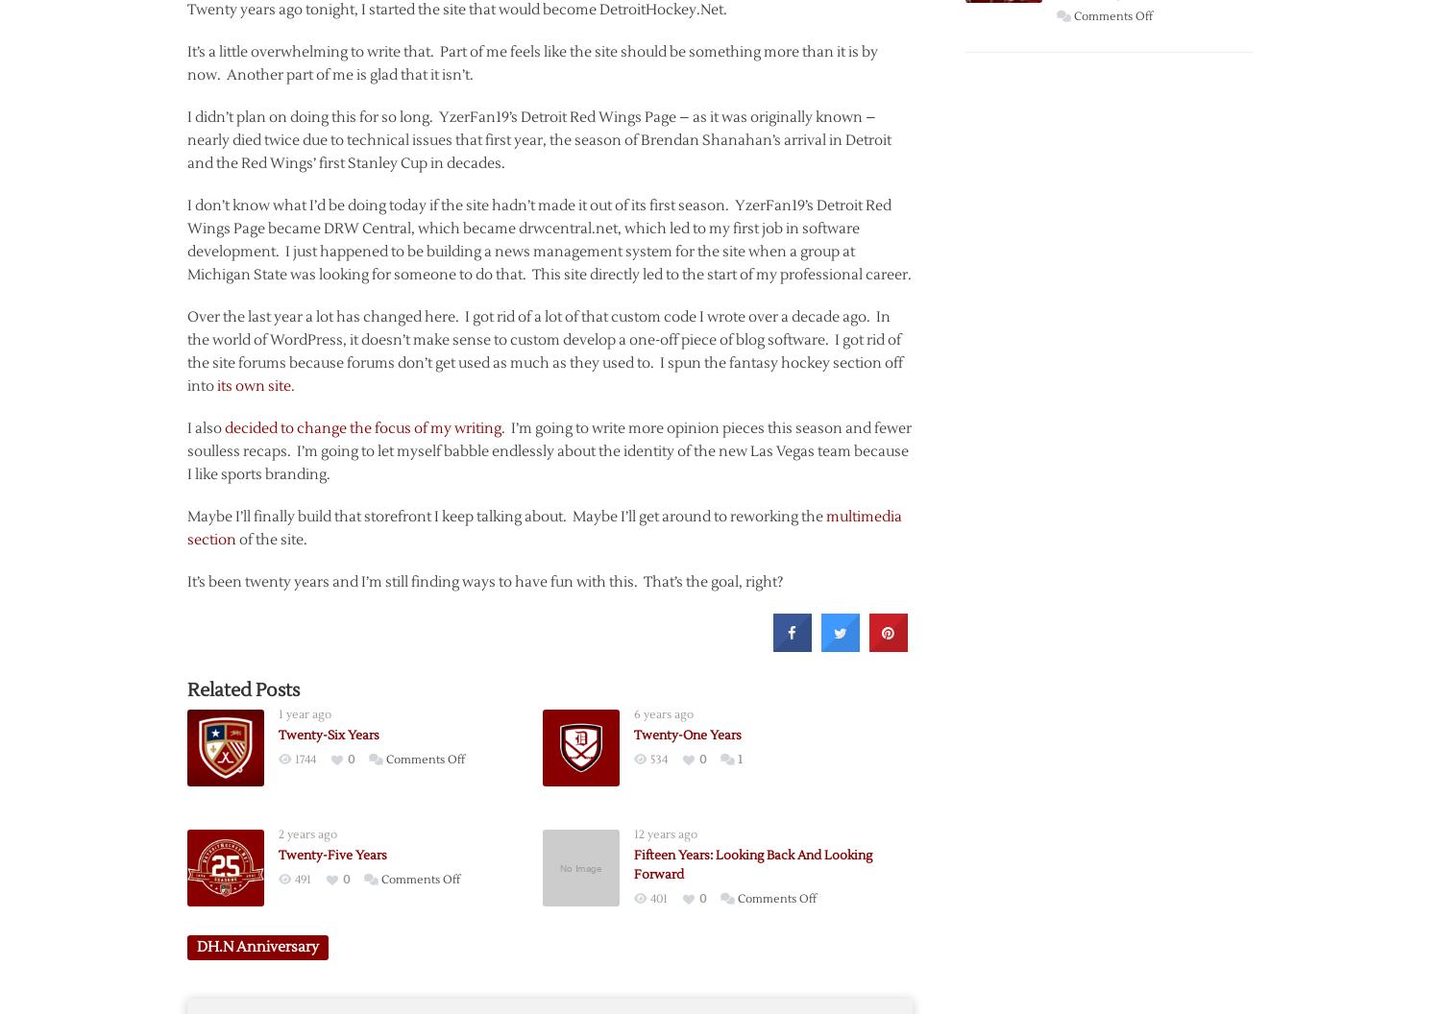 The height and width of the screenshot is (1014, 1441). What do you see at coordinates (455, 9) in the screenshot?
I see `'Twenty years ago tonight, I started the site that would become DetroitHockey.Net.'` at bounding box center [455, 9].